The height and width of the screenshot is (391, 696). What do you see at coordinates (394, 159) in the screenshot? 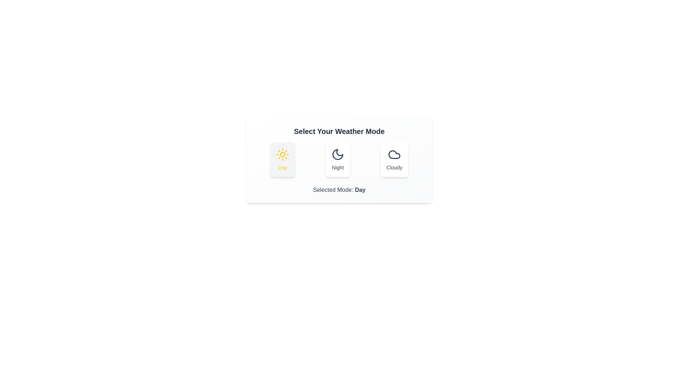
I see `the weather icon and its corresponding label for Cloudy` at bounding box center [394, 159].